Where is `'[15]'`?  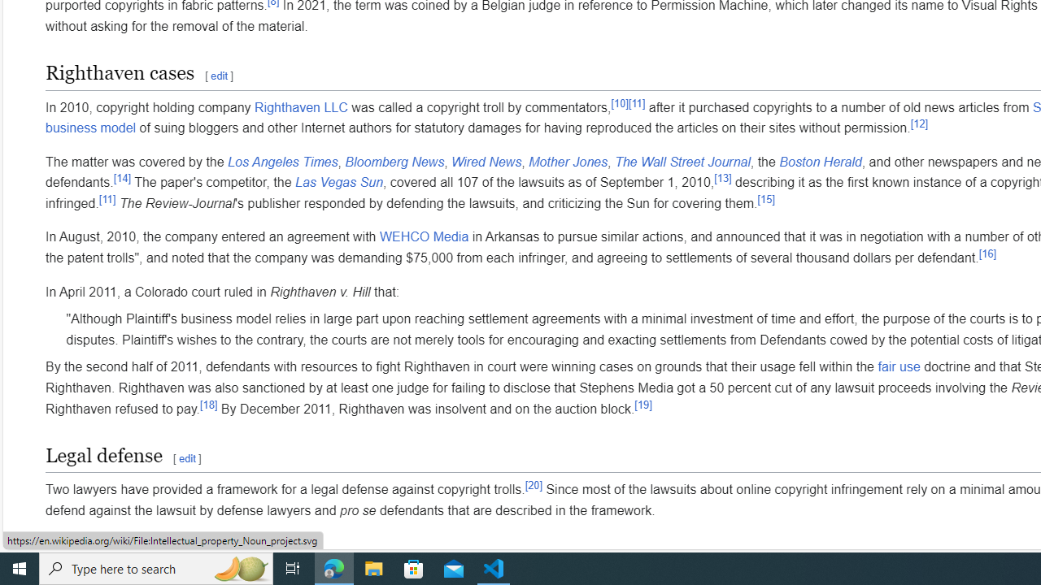 '[15]' is located at coordinates (765, 197).